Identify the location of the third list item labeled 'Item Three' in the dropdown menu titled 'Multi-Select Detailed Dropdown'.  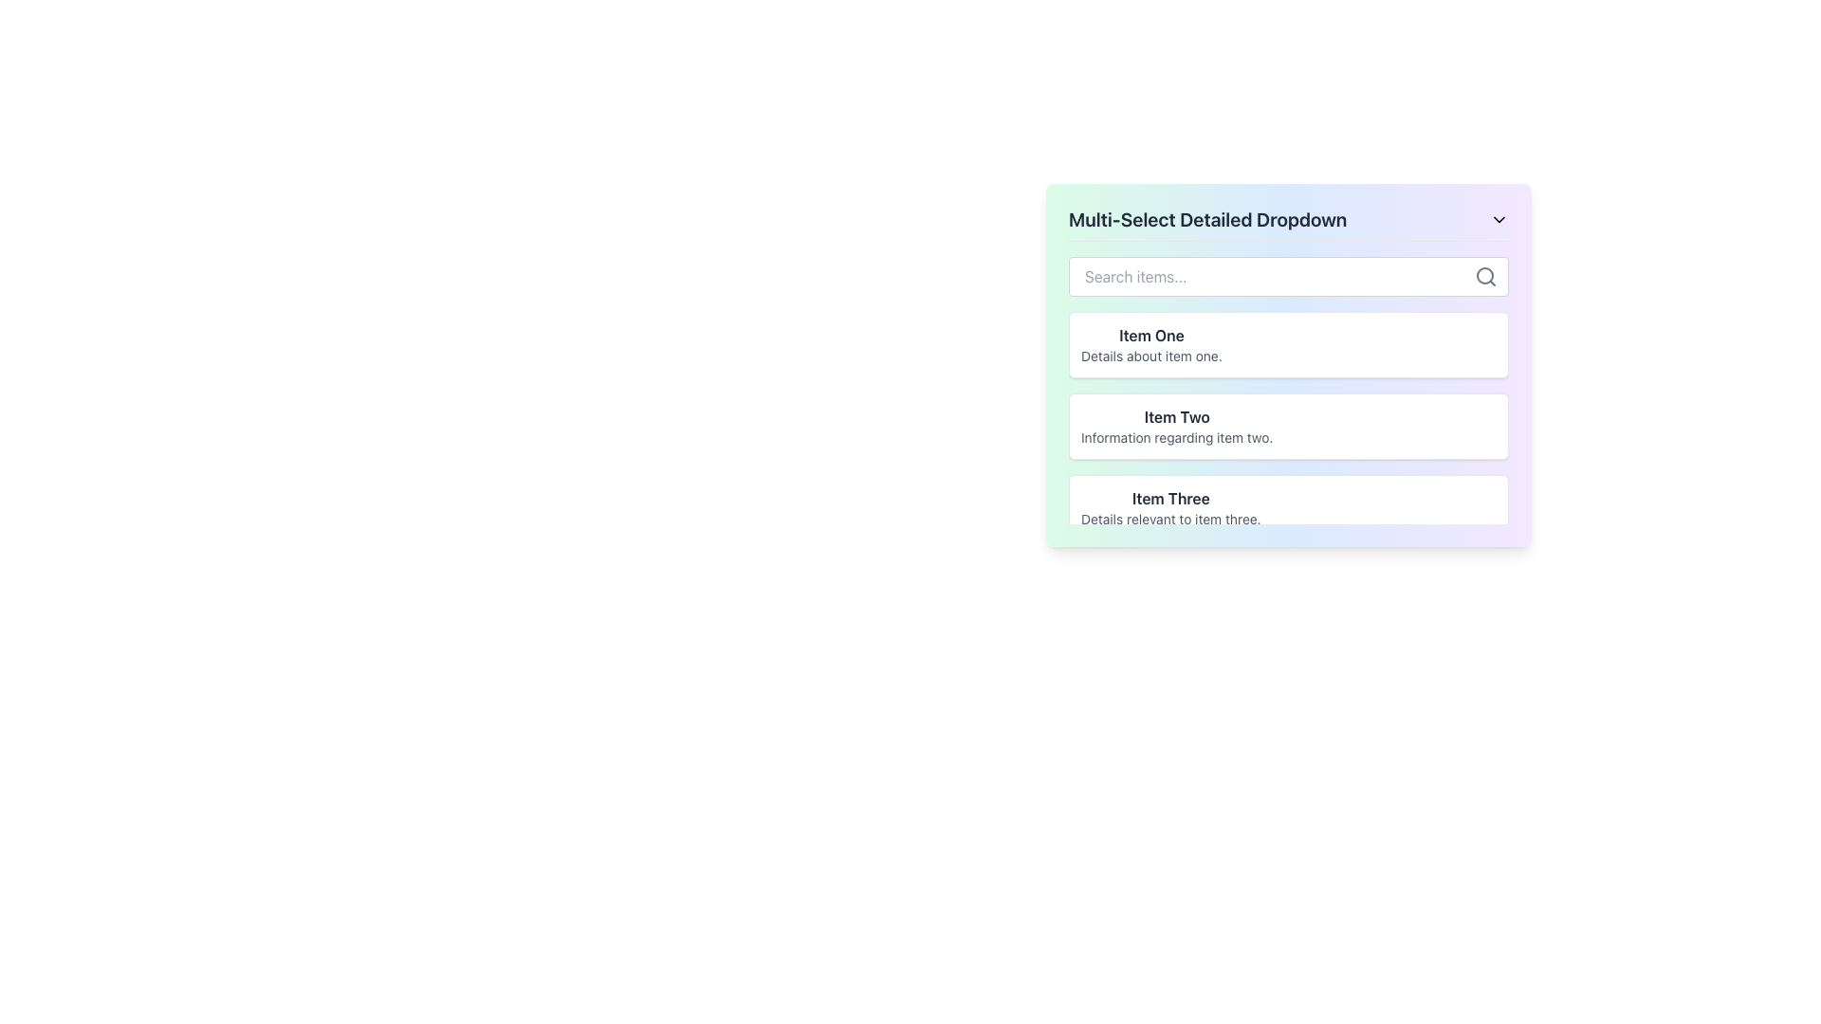
(1169, 507).